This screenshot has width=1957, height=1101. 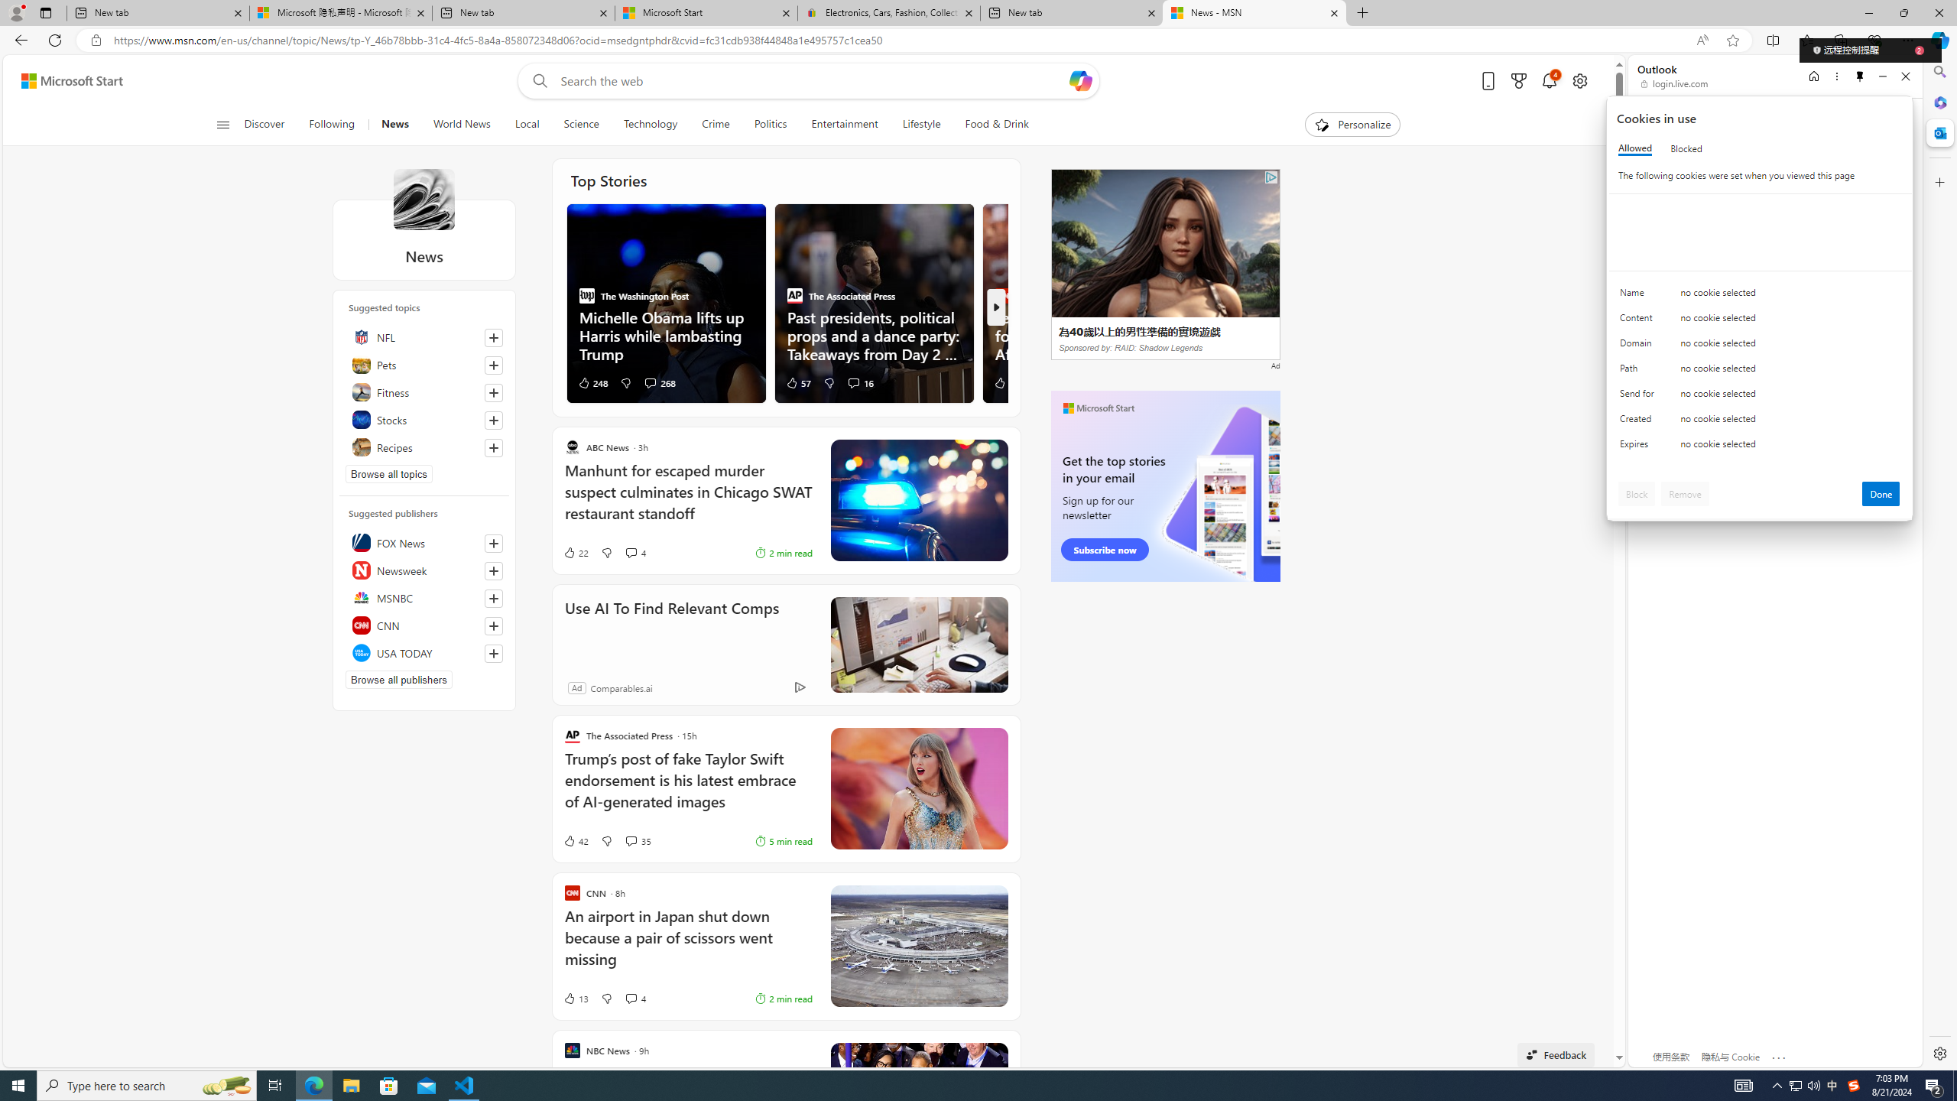 What do you see at coordinates (786, 644) in the screenshot?
I see `'Use AI To Find Relevant CompsAdComparables.ai'` at bounding box center [786, 644].